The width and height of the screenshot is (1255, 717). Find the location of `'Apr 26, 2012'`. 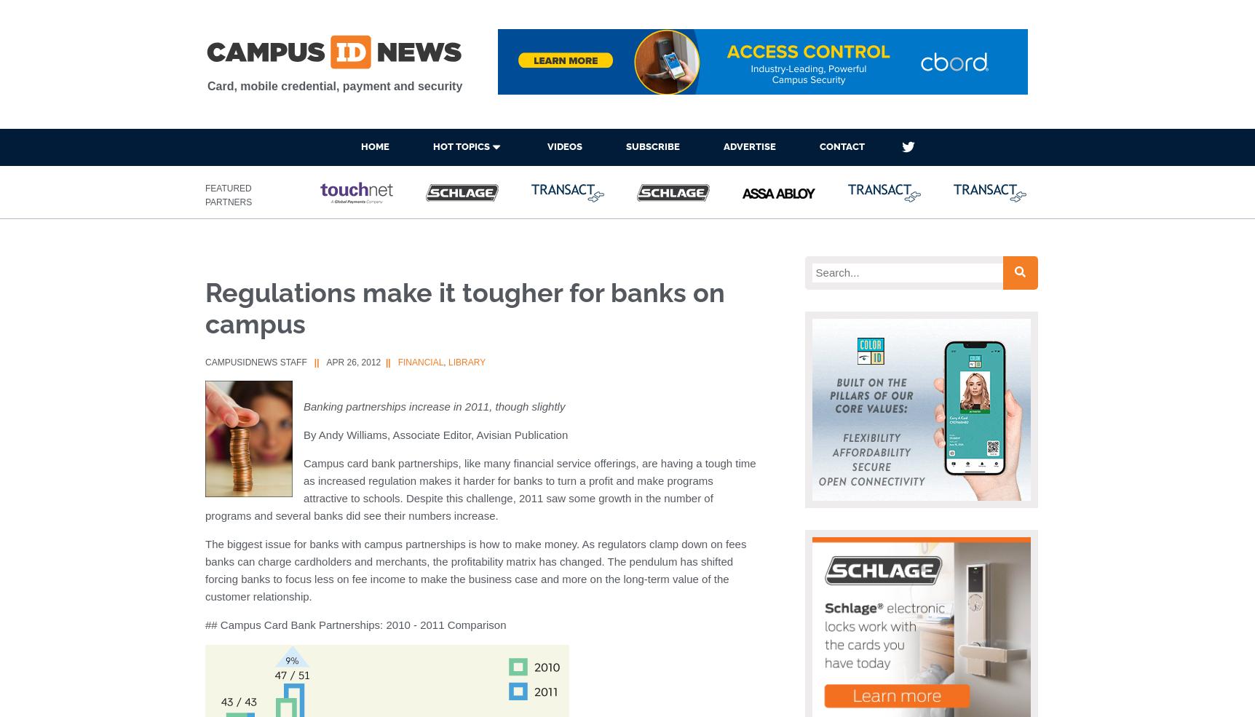

'Apr 26, 2012' is located at coordinates (353, 363).